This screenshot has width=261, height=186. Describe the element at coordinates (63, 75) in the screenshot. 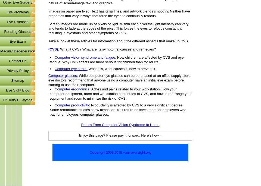

I see `'Computer glasses:'` at that location.